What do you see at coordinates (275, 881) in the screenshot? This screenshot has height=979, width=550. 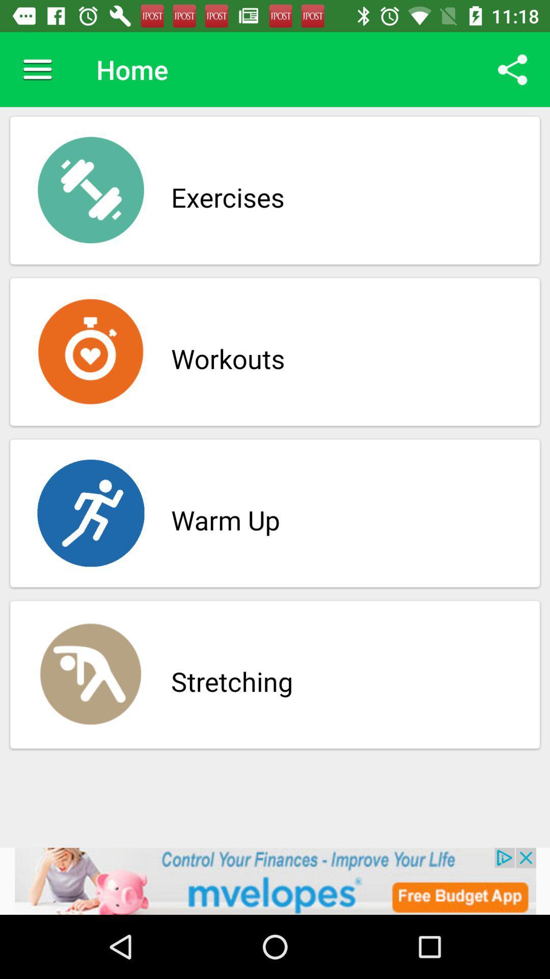 I see `advertisement` at bounding box center [275, 881].